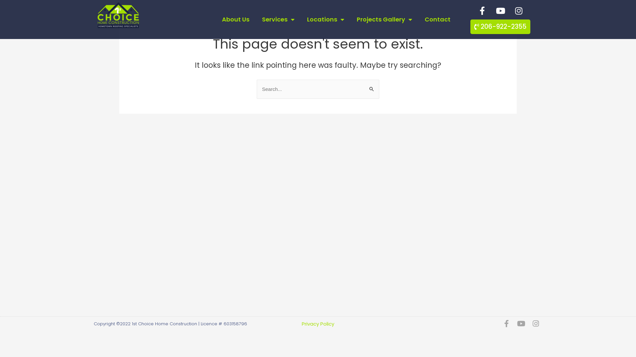 The width and height of the screenshot is (636, 357). Describe the element at coordinates (518, 10) in the screenshot. I see `'Instagram'` at that location.